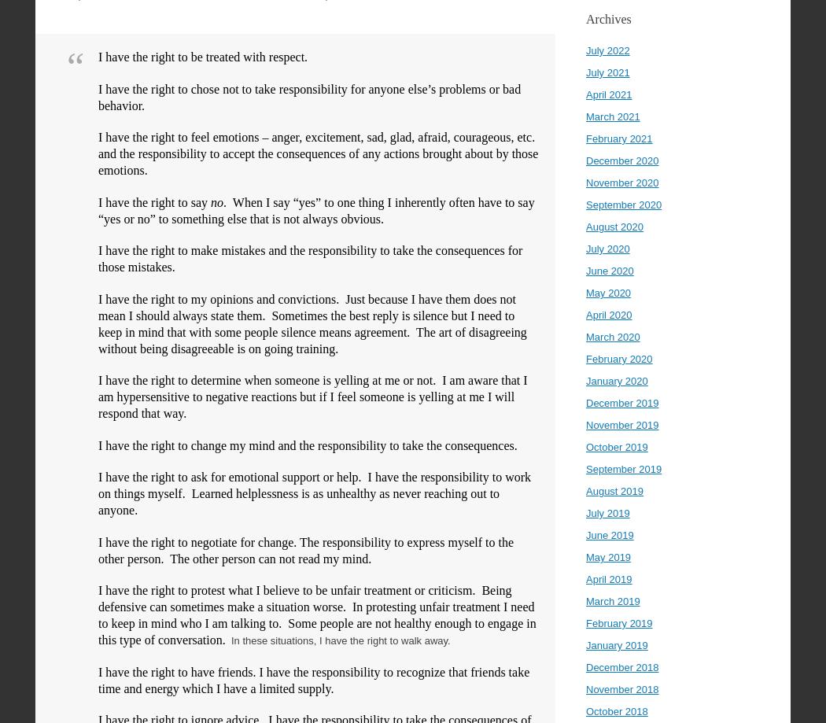  Describe the element at coordinates (316, 209) in the screenshot. I see `'.  When I say “yes” to one thing I inherently often have to say “yes or no” to something else that is not always obvious.'` at that location.